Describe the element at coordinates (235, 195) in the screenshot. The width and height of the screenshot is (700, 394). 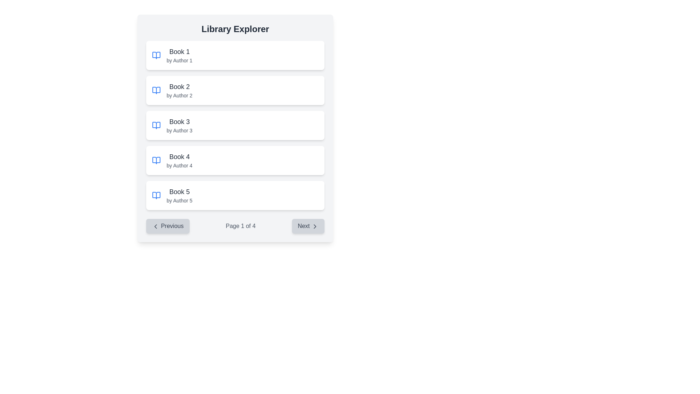
I see `the fifth book entry in the list containing its title and author` at that location.